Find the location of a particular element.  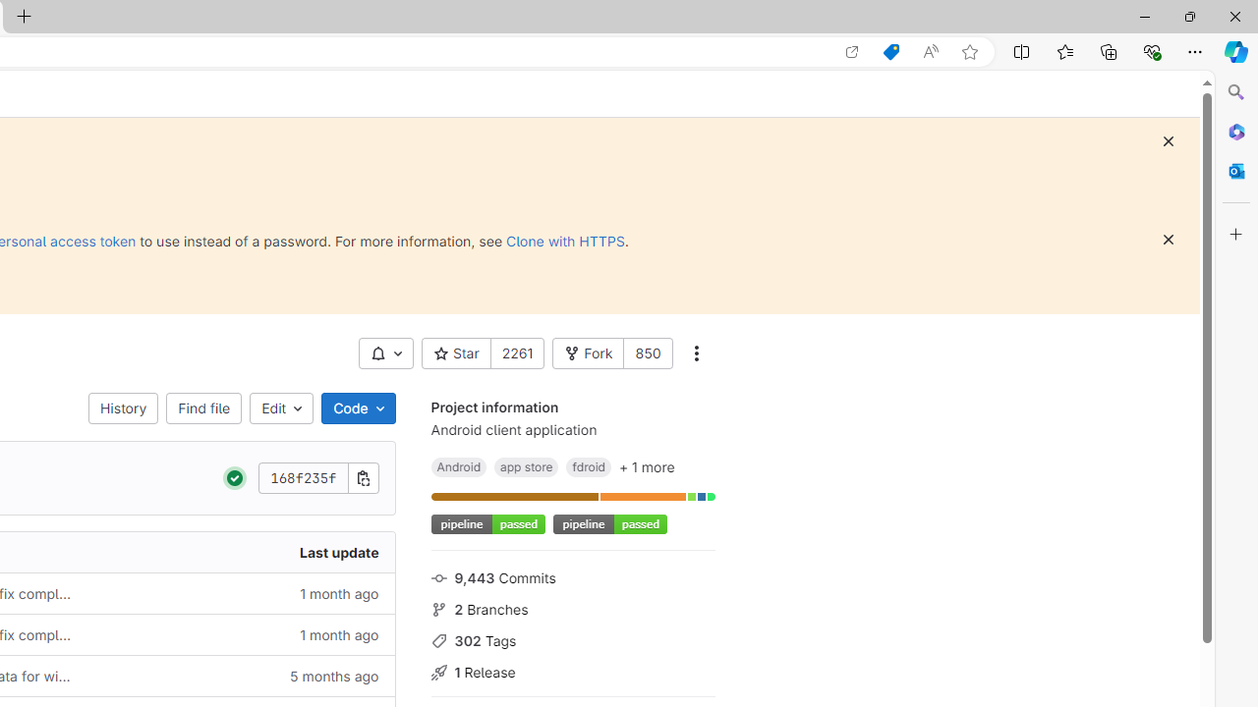

'+ 1 more' is located at coordinates (646, 466).